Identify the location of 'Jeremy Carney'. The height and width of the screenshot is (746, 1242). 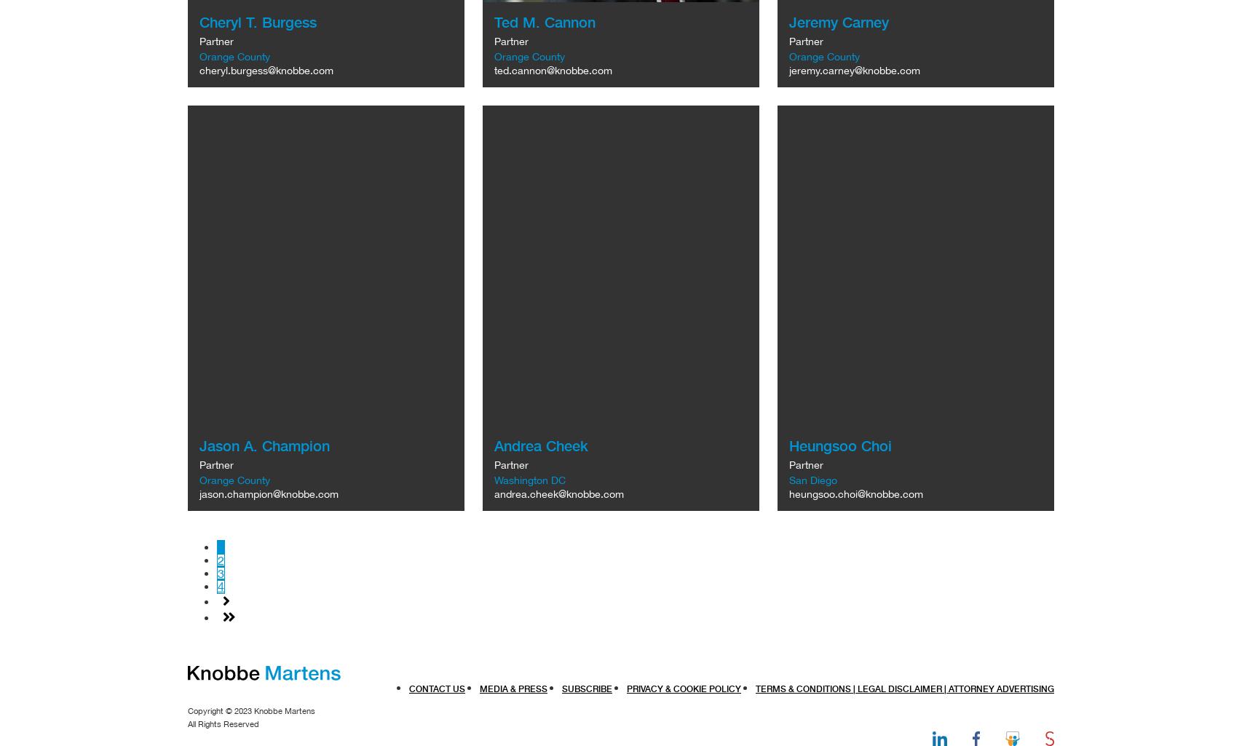
(838, 22).